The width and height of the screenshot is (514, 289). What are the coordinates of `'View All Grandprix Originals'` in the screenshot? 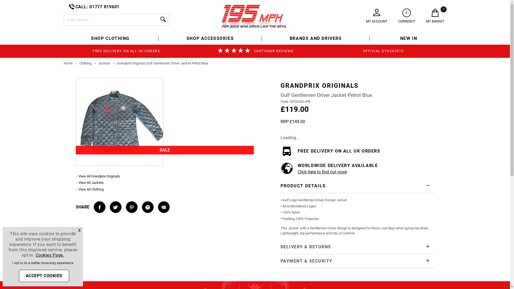 It's located at (99, 176).